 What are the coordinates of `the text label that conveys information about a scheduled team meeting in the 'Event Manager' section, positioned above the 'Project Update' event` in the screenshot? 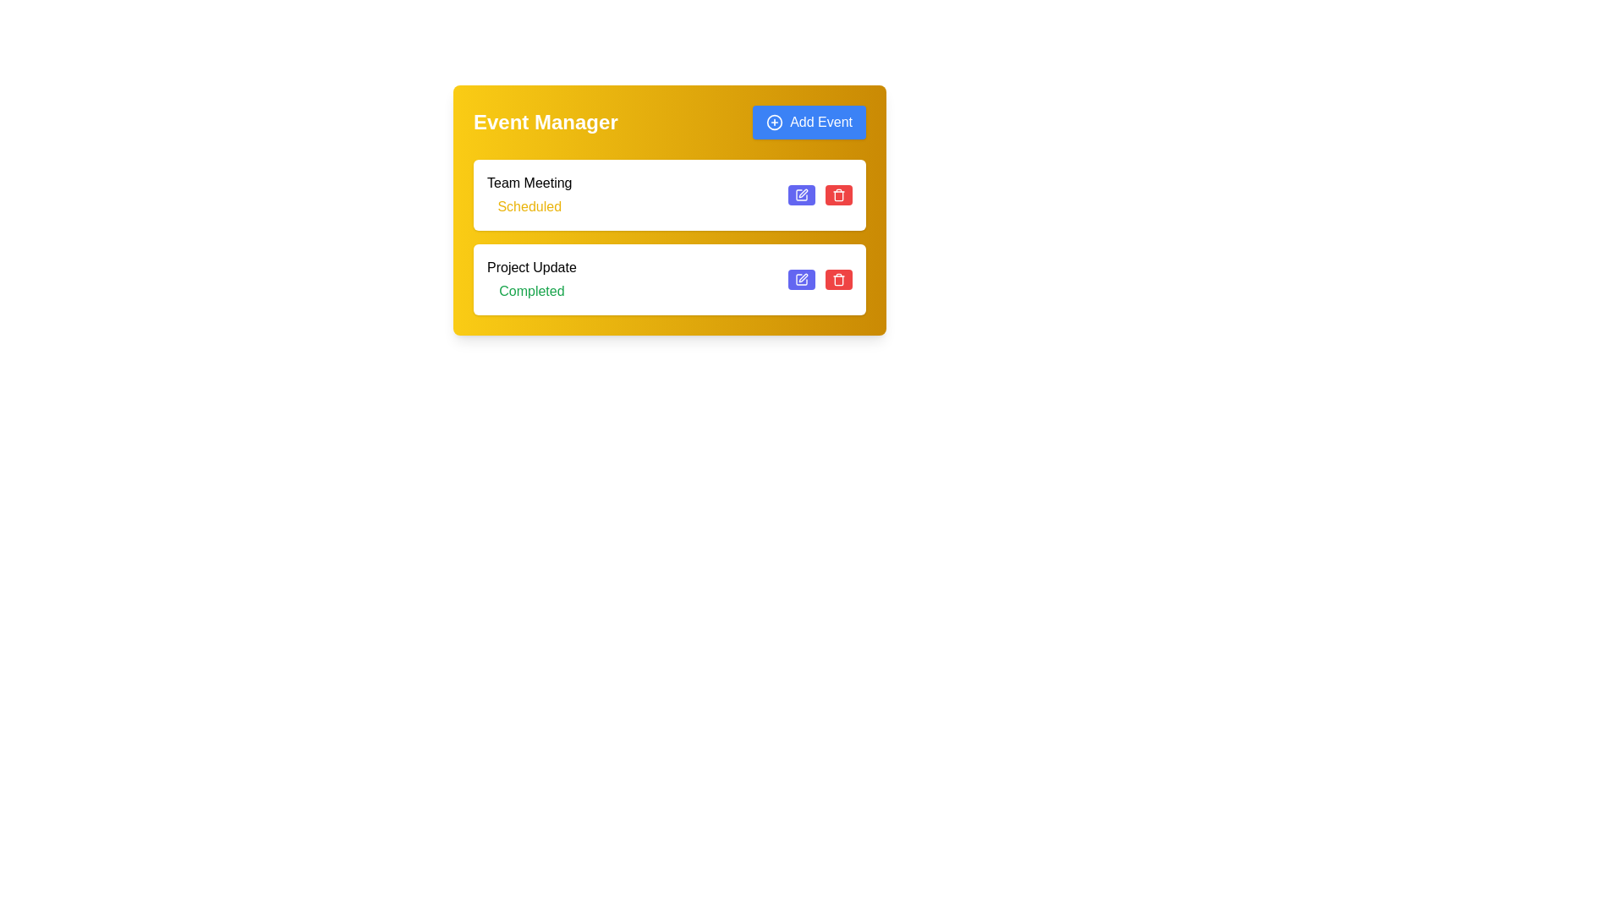 It's located at (529, 194).